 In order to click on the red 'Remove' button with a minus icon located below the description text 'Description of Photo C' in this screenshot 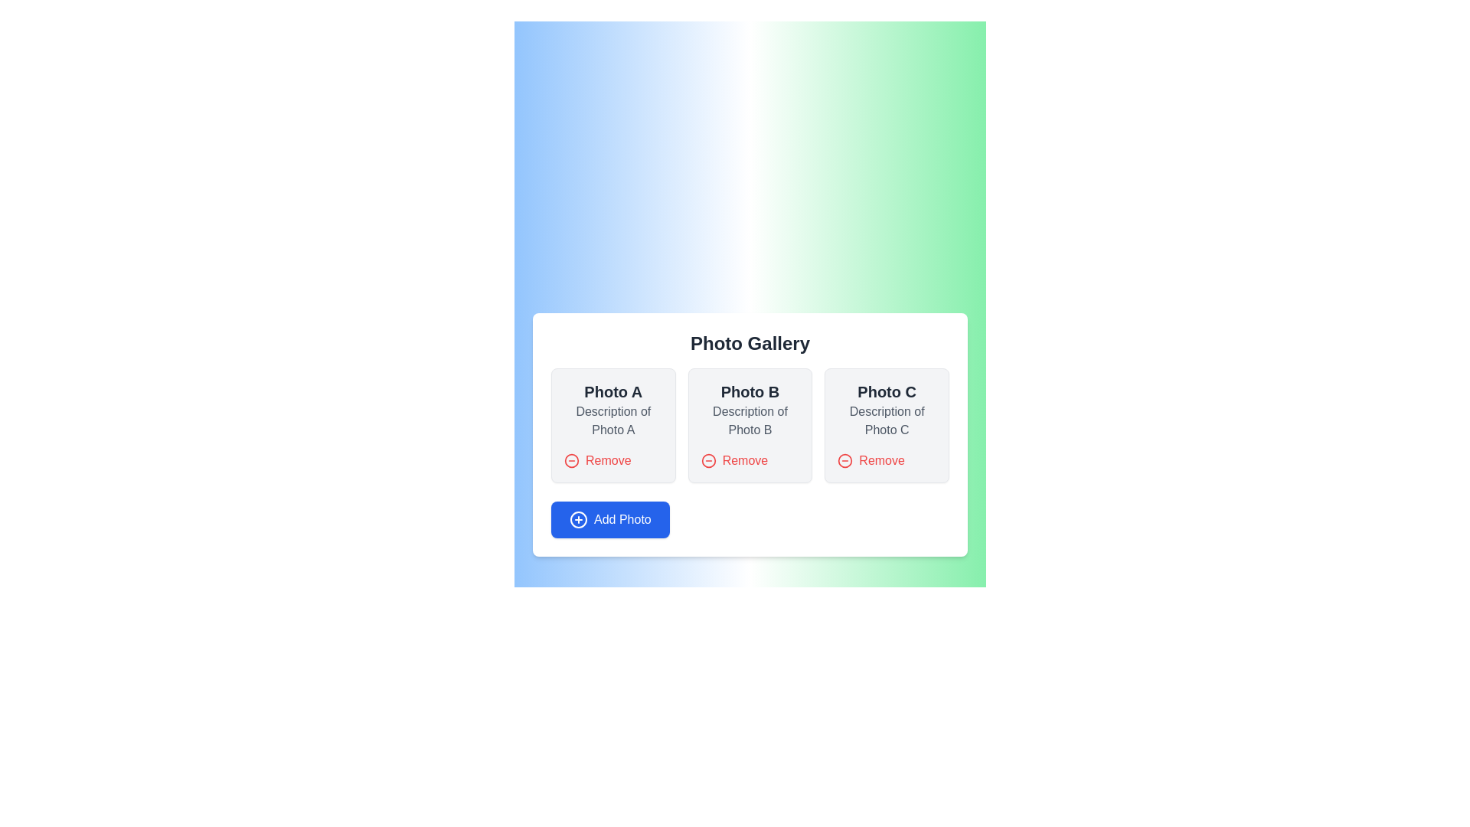, I will do `click(871, 459)`.